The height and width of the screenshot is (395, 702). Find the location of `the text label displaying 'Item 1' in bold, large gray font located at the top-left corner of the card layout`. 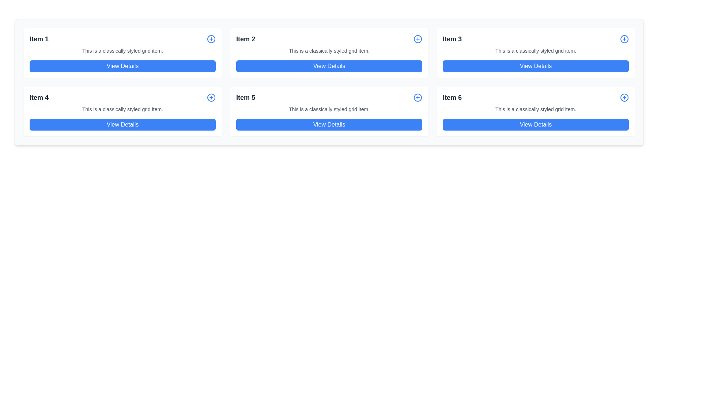

the text label displaying 'Item 1' in bold, large gray font located at the top-left corner of the card layout is located at coordinates (38, 39).